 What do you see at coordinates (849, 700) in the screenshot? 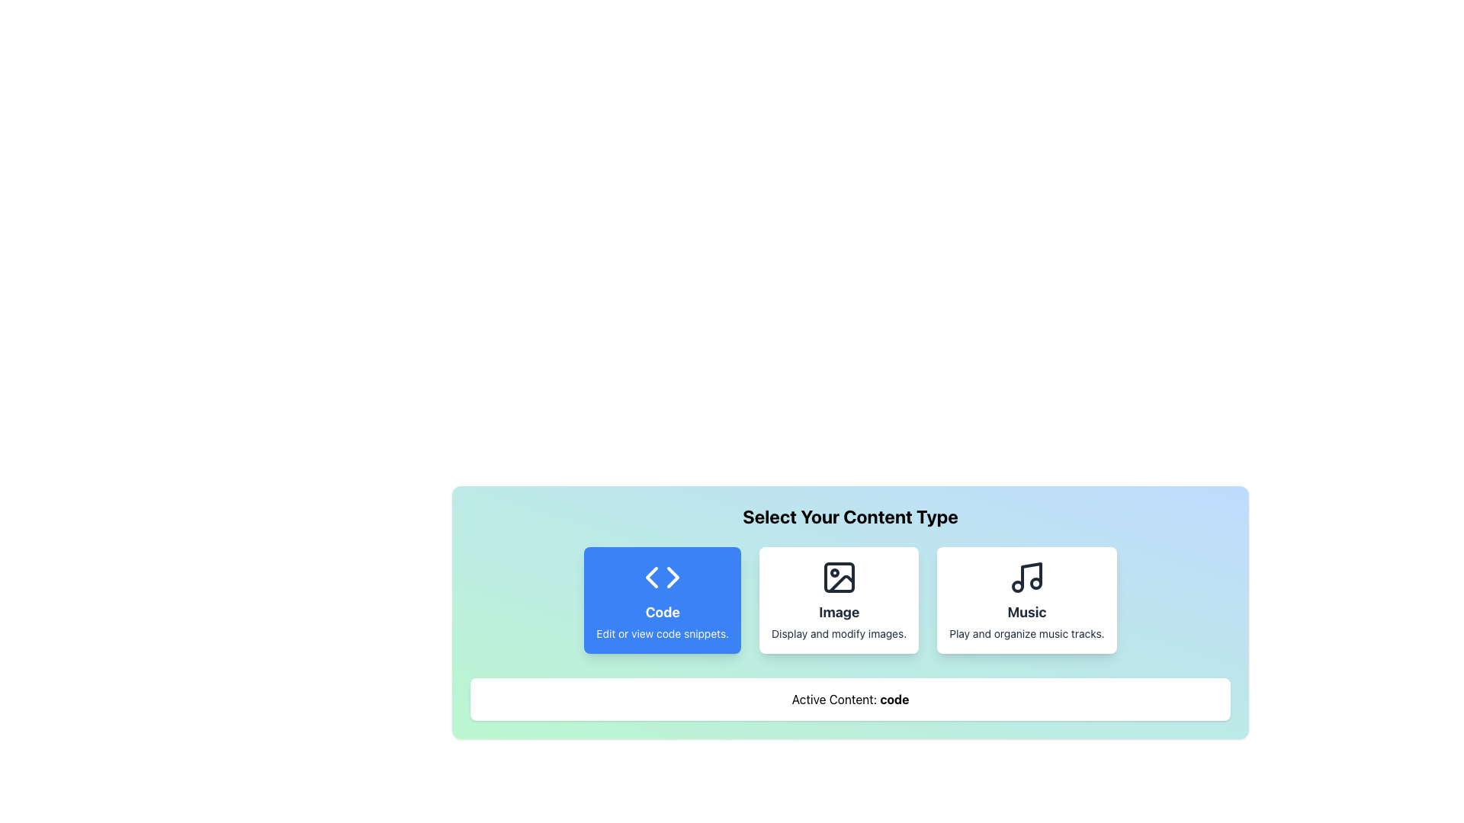
I see `the text label displaying 'Active Content: code', which is a horizontal white box with rounded corners located below the interactive cards labeled 'Code', 'Image', and 'Music'` at bounding box center [849, 700].